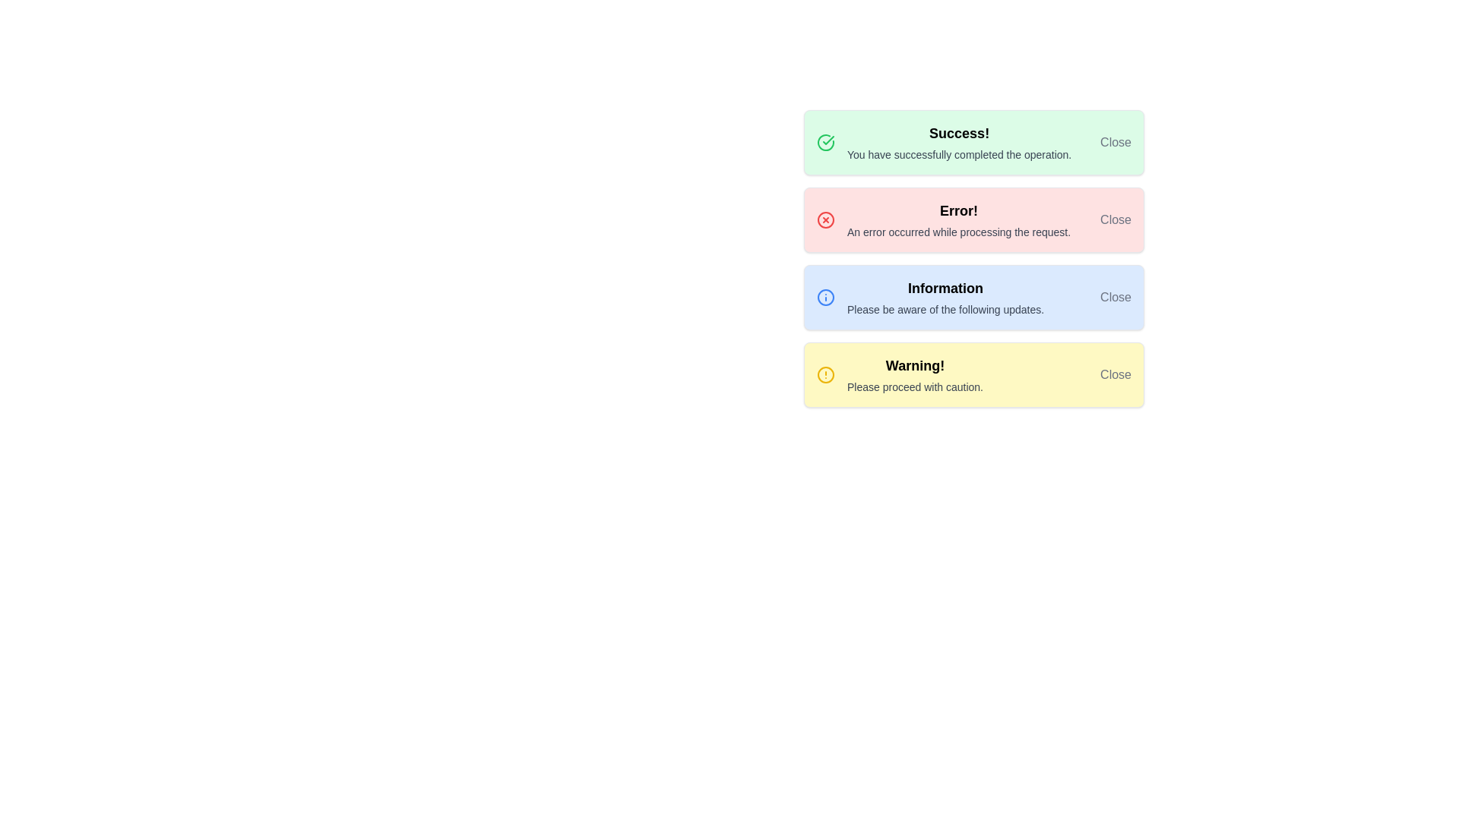  Describe the element at coordinates (958, 210) in the screenshot. I see `bold text 'Error!' displayed prominently in the second red notification box near the top of the interface` at that location.